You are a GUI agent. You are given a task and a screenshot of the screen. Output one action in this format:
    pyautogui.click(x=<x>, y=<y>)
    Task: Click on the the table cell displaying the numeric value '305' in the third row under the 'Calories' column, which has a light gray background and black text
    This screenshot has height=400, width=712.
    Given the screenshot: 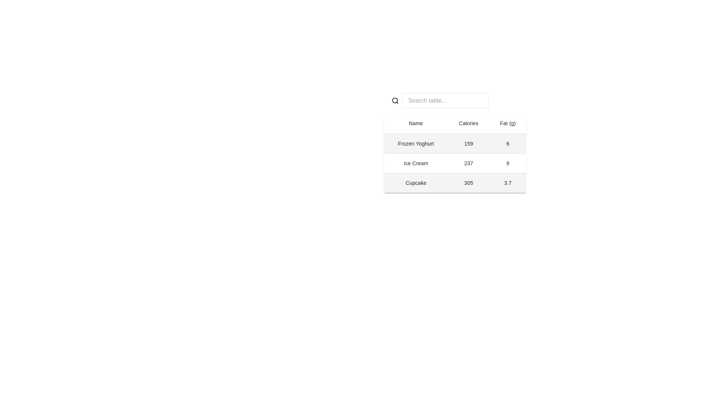 What is the action you would take?
    pyautogui.click(x=468, y=183)
    